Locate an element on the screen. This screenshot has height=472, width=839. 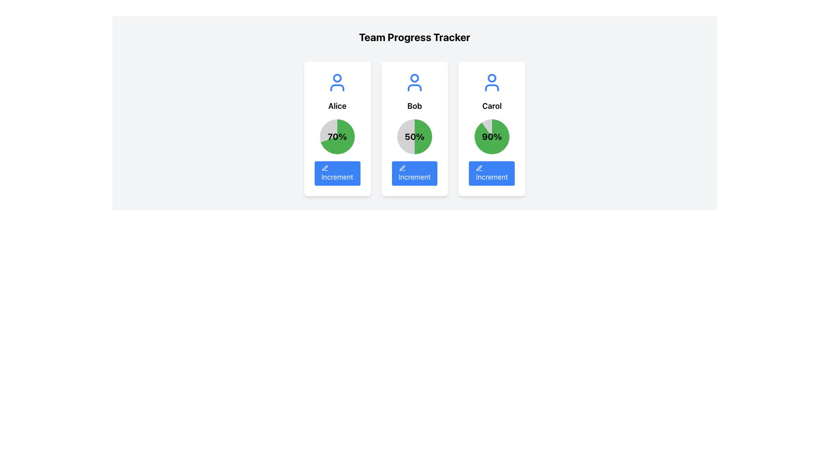
numerical status or percentage displayed in the center of the circular progress chart associated with 'Alice', located above the blue 'Increment' button is located at coordinates (337, 136).